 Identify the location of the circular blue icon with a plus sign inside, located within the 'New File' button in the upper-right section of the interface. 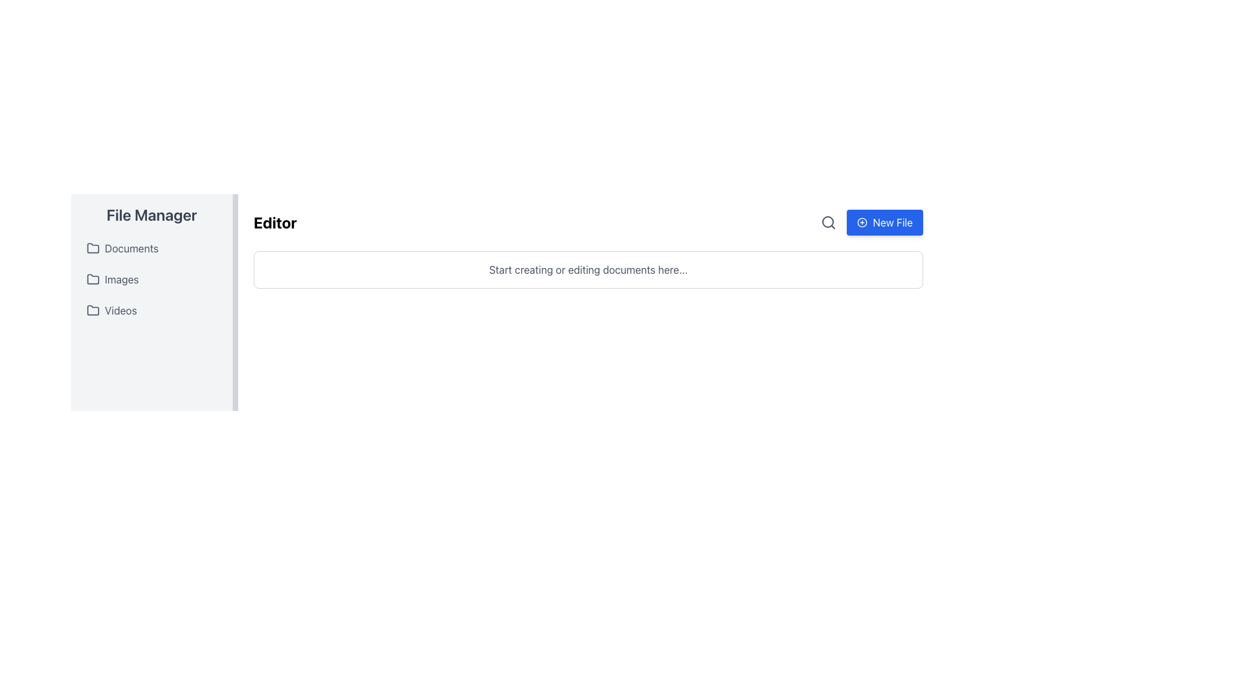
(862, 221).